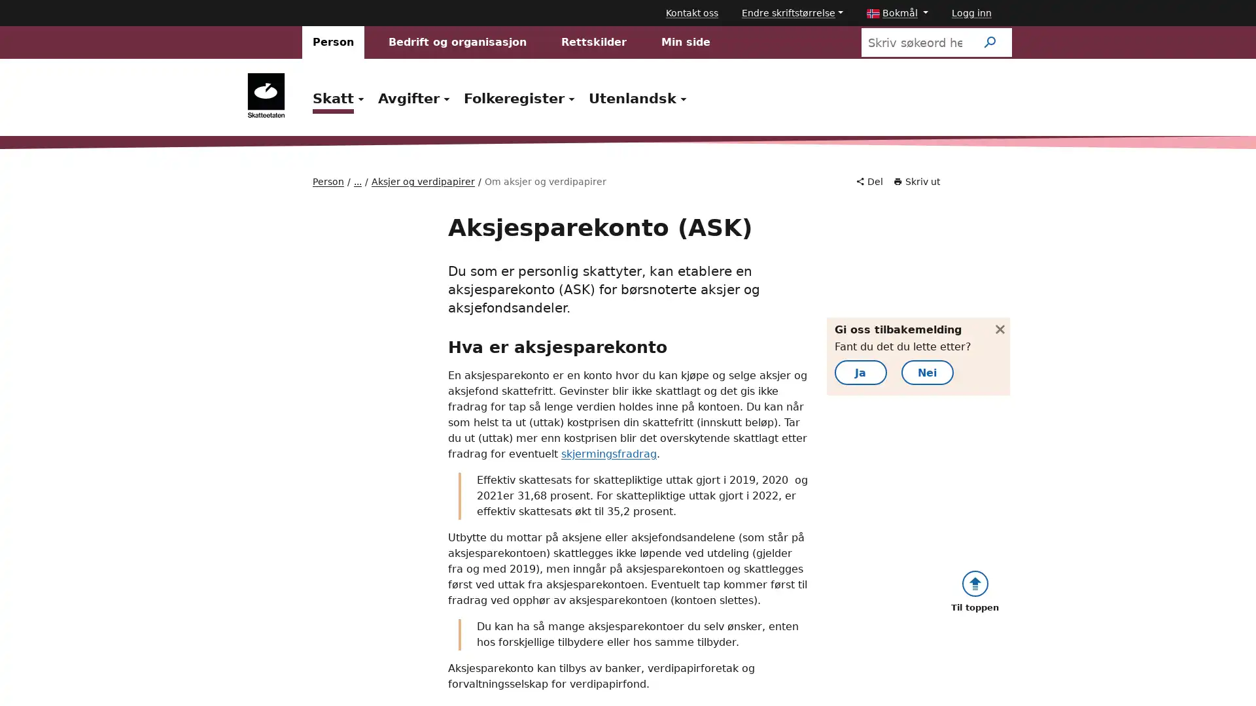  I want to click on Nei, so click(948, 384).